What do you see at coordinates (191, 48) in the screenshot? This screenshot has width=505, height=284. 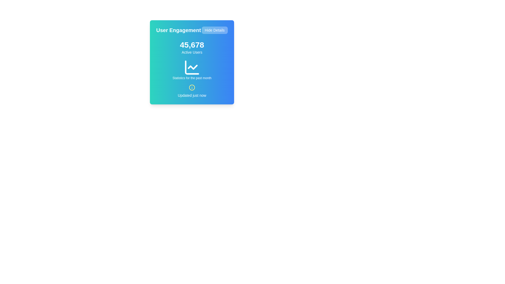 I see `the Text Display element that shows the active user count, located within the 'User Engagement' card at the top-center, beneath the title and 'Hide Details' button` at bounding box center [191, 48].